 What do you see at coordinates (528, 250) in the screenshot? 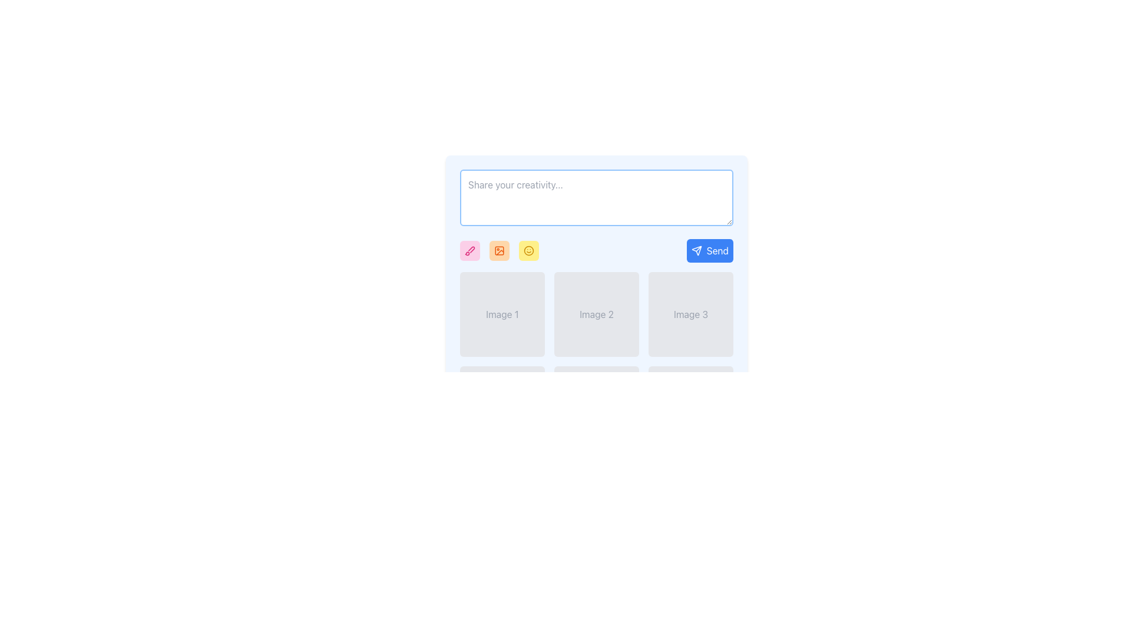
I see `the rounded yellow button with a smiling face icon` at bounding box center [528, 250].